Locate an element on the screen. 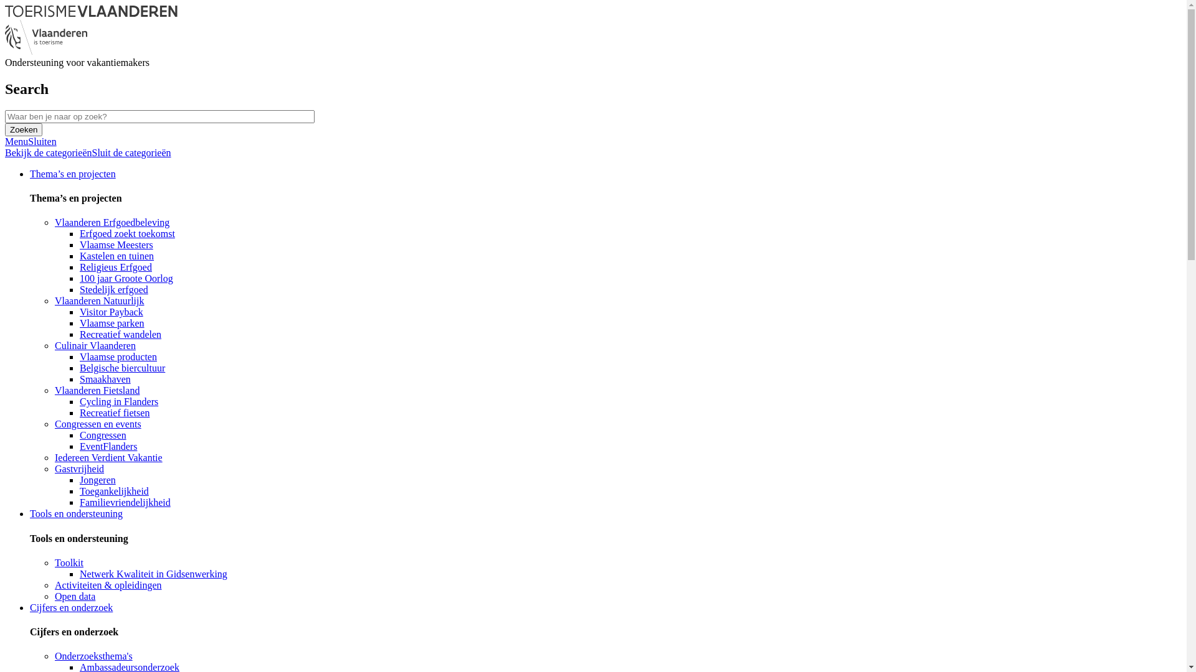 This screenshot has height=672, width=1196. 'Iedereen Verdient Vakantie' is located at coordinates (108, 457).